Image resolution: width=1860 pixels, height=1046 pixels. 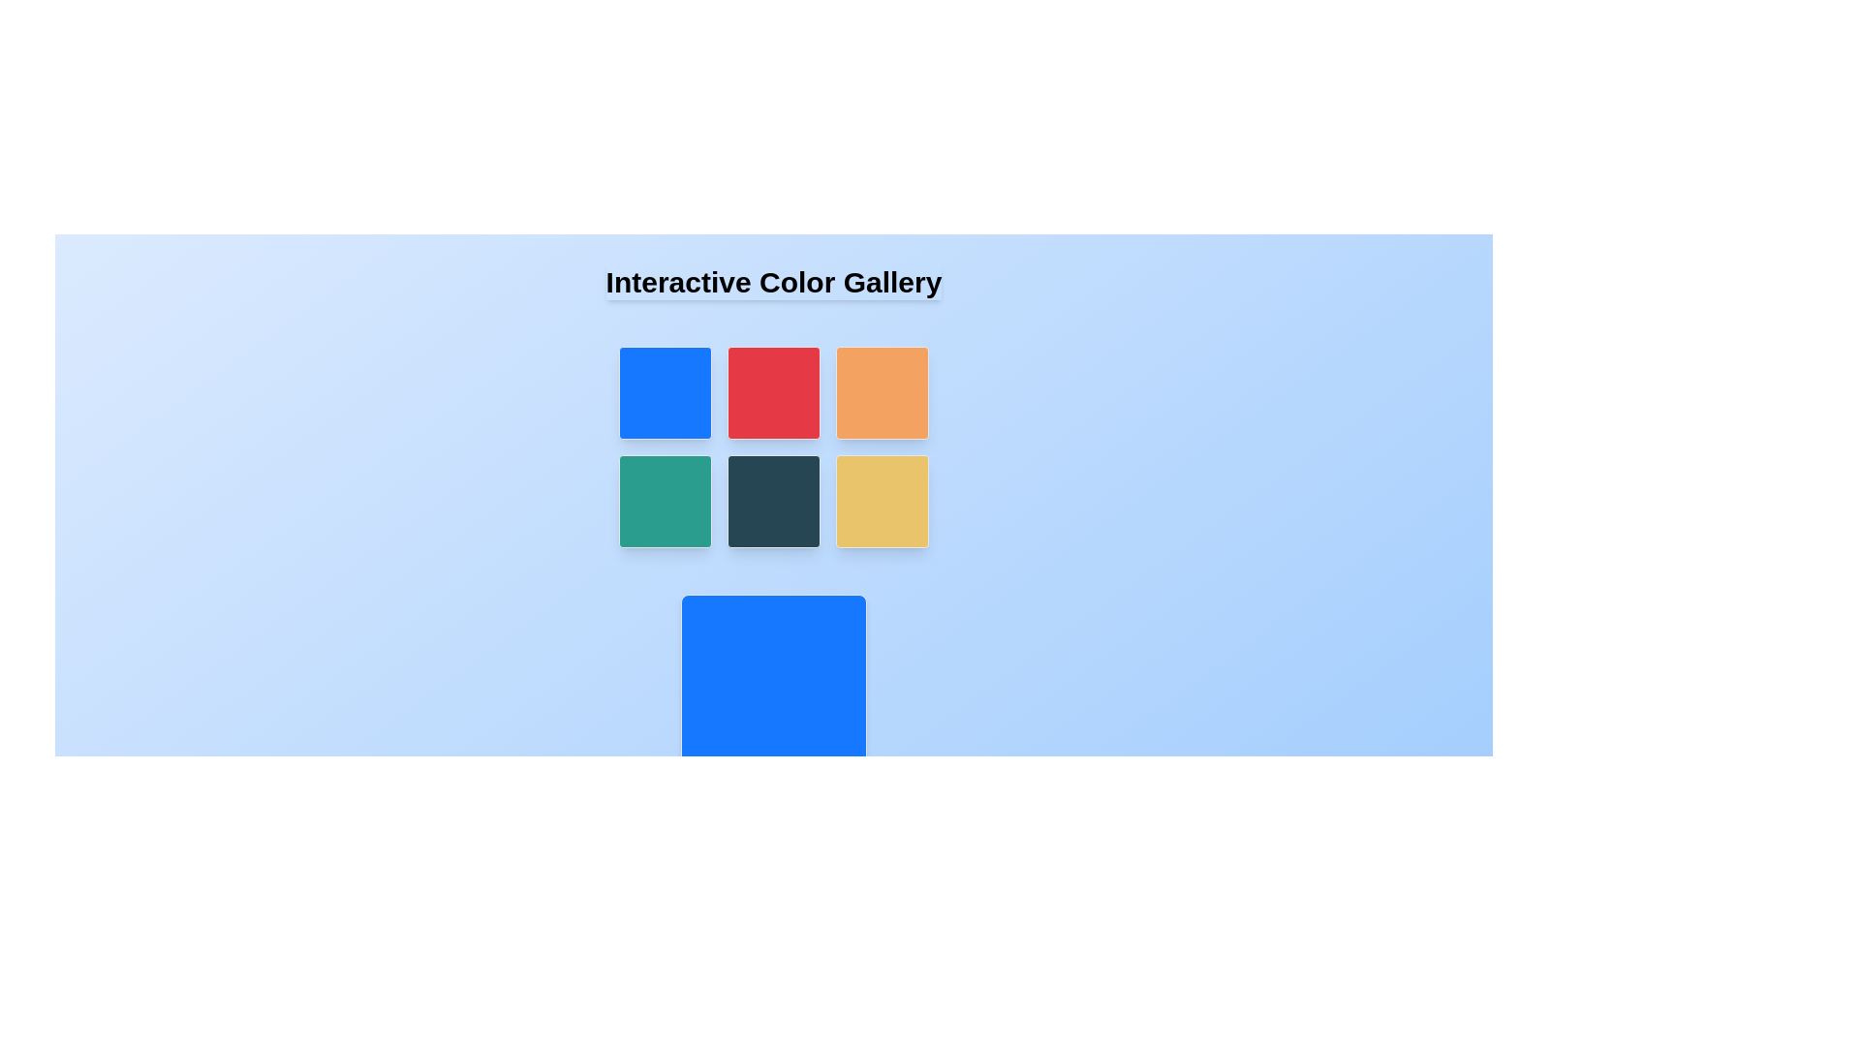 What do you see at coordinates (665, 392) in the screenshot?
I see `to select or activate the blue button located in the top-left corner of the grid in the Interactive Color Gallery` at bounding box center [665, 392].